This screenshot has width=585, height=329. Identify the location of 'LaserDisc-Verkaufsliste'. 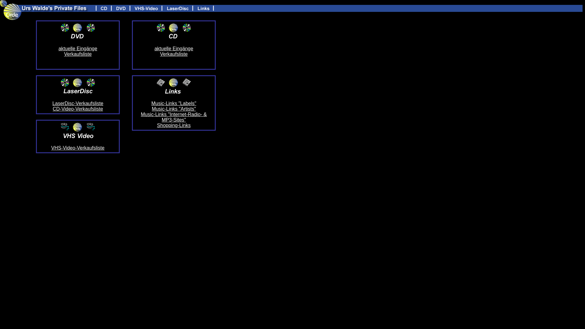
(77, 103).